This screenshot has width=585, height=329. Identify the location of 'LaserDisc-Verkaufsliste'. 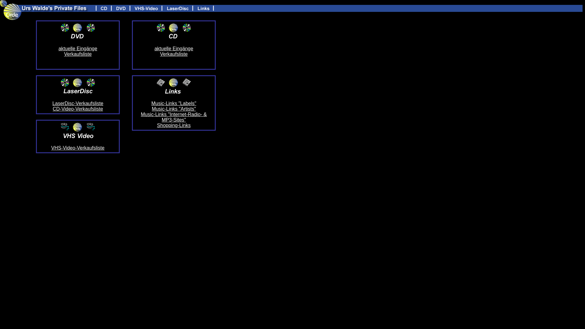
(77, 103).